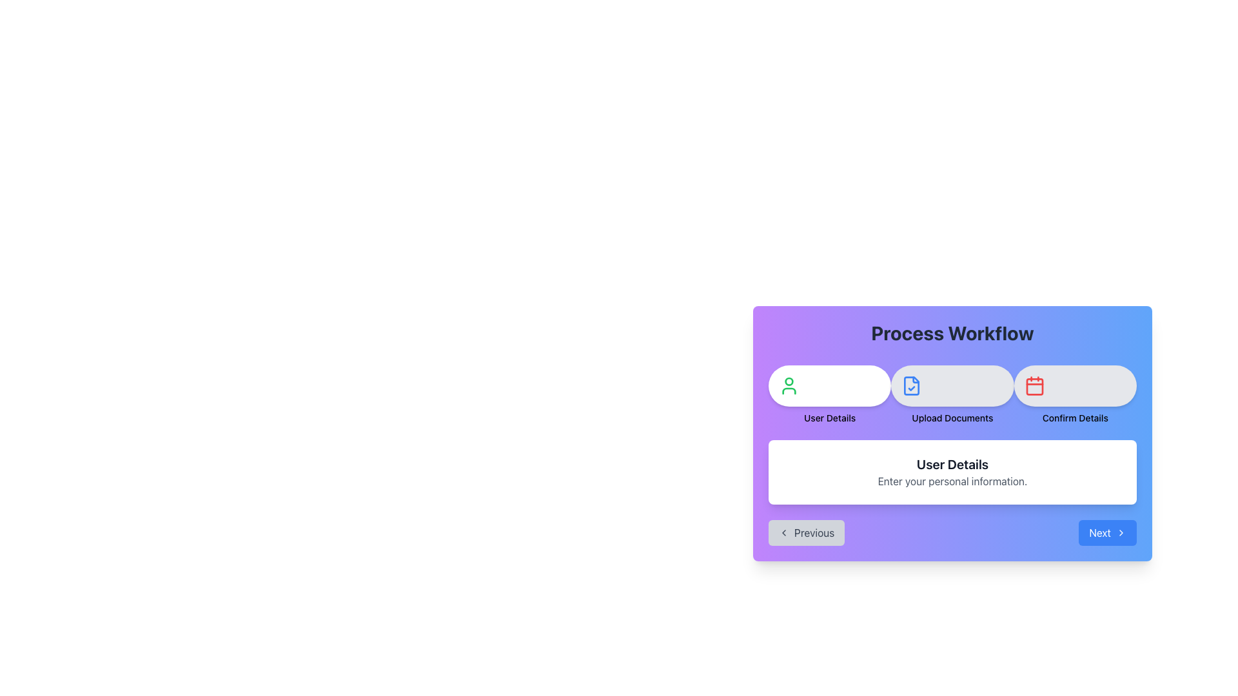 The image size is (1238, 696). Describe the element at coordinates (783, 532) in the screenshot. I see `the left-facing chevron icon that is part of the 'Previous' button, located at the bottom left of the interface` at that location.